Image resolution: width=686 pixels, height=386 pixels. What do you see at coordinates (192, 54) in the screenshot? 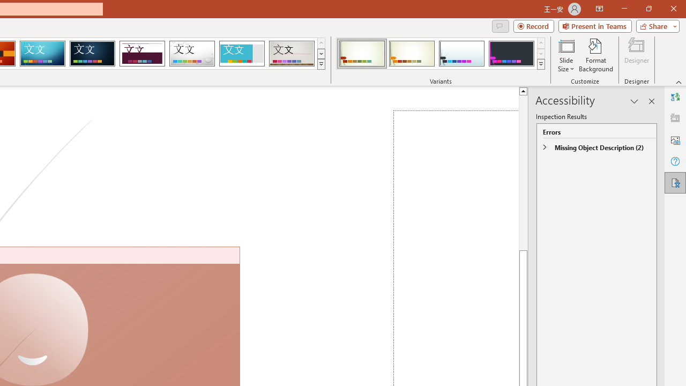
I see `'Droplet'` at bounding box center [192, 54].